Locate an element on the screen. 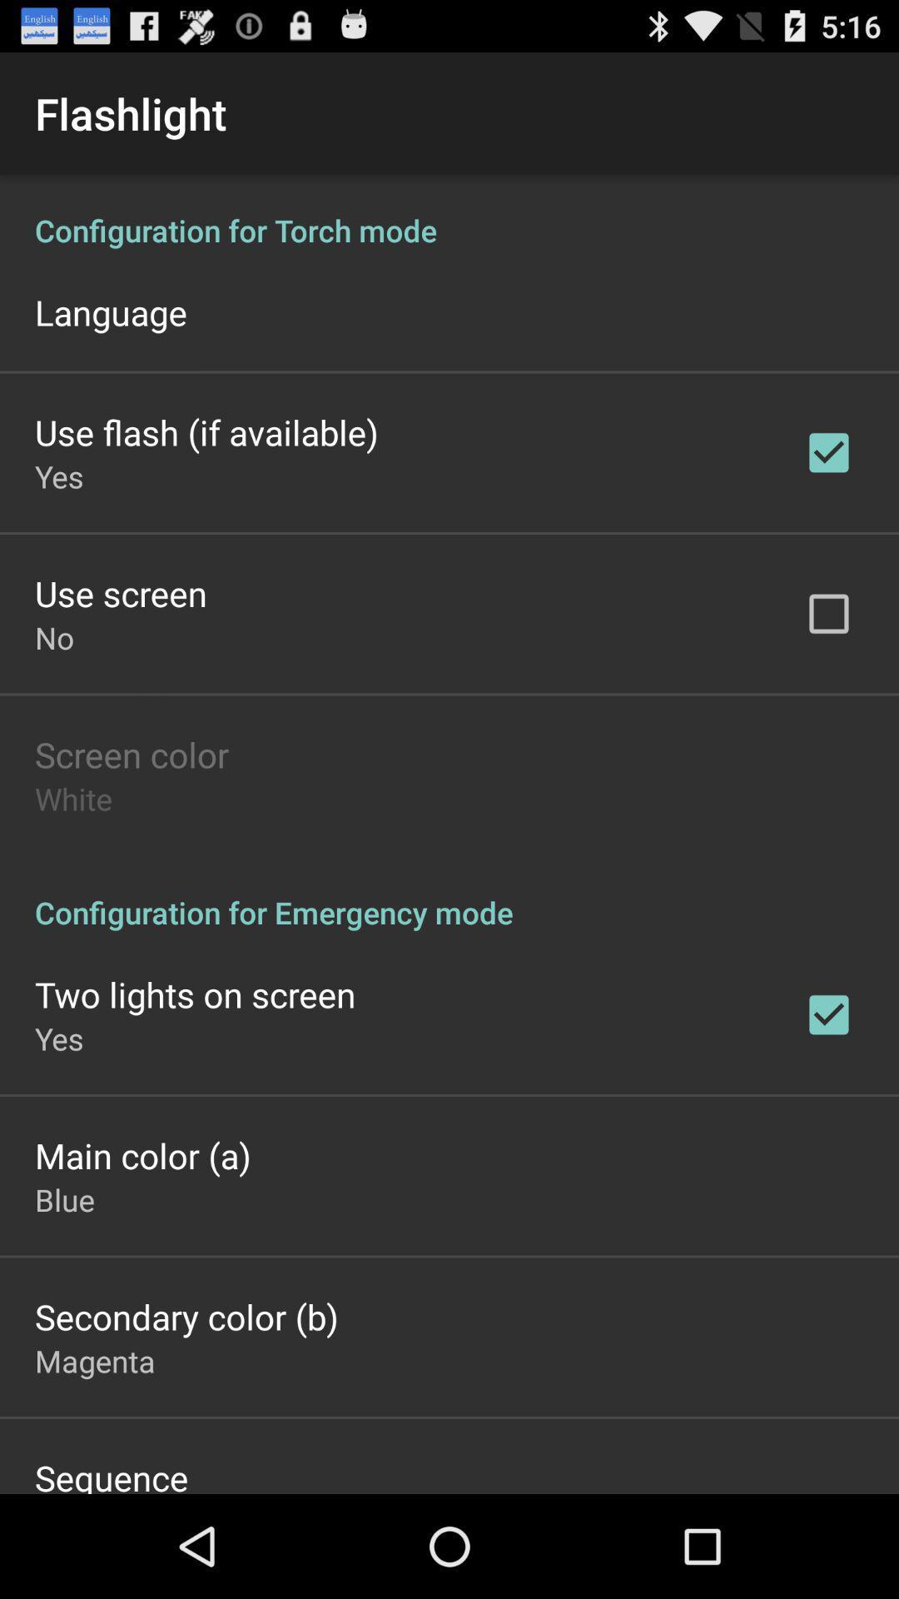 The width and height of the screenshot is (899, 1599). use flash if app is located at coordinates (206, 431).